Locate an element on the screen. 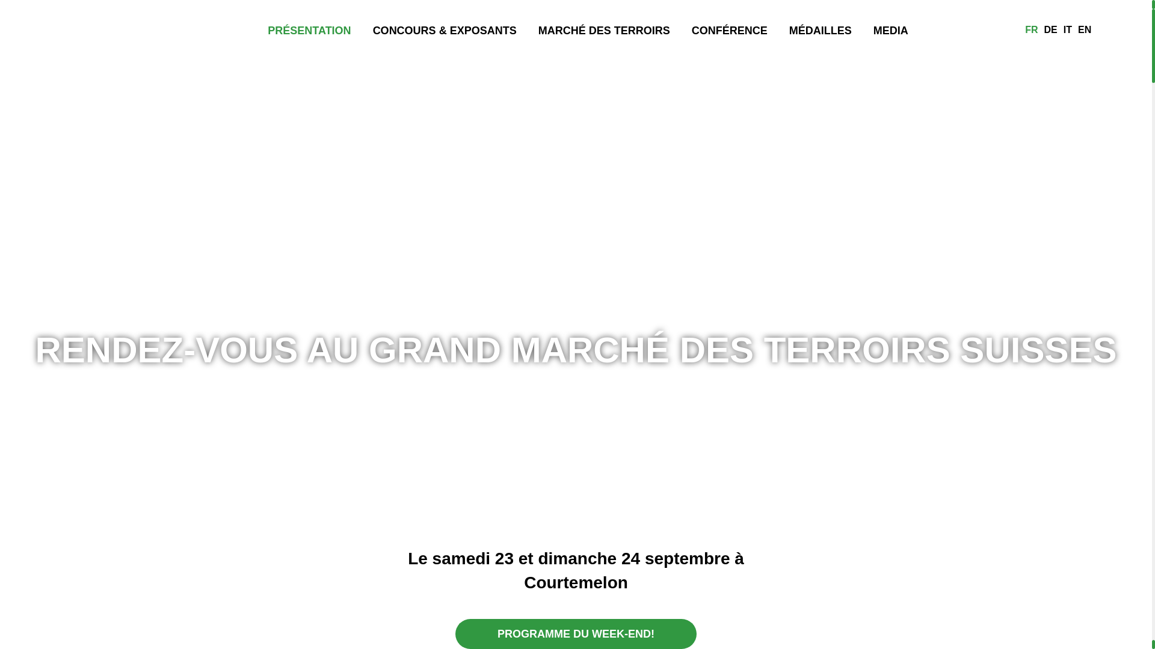  'DE' is located at coordinates (1050, 29).